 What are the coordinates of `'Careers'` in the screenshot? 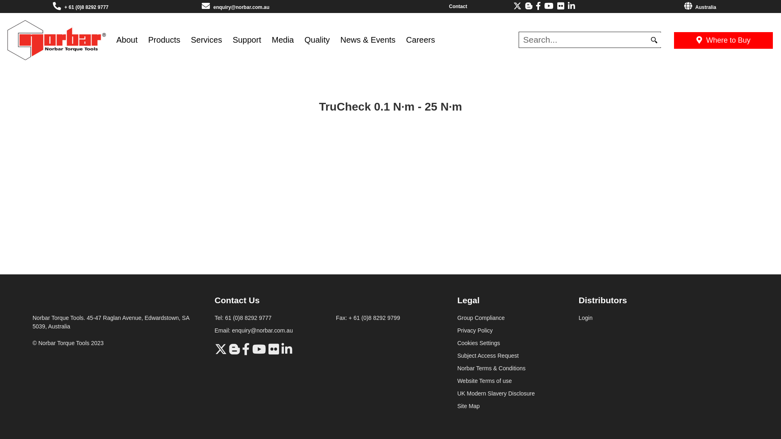 It's located at (420, 40).